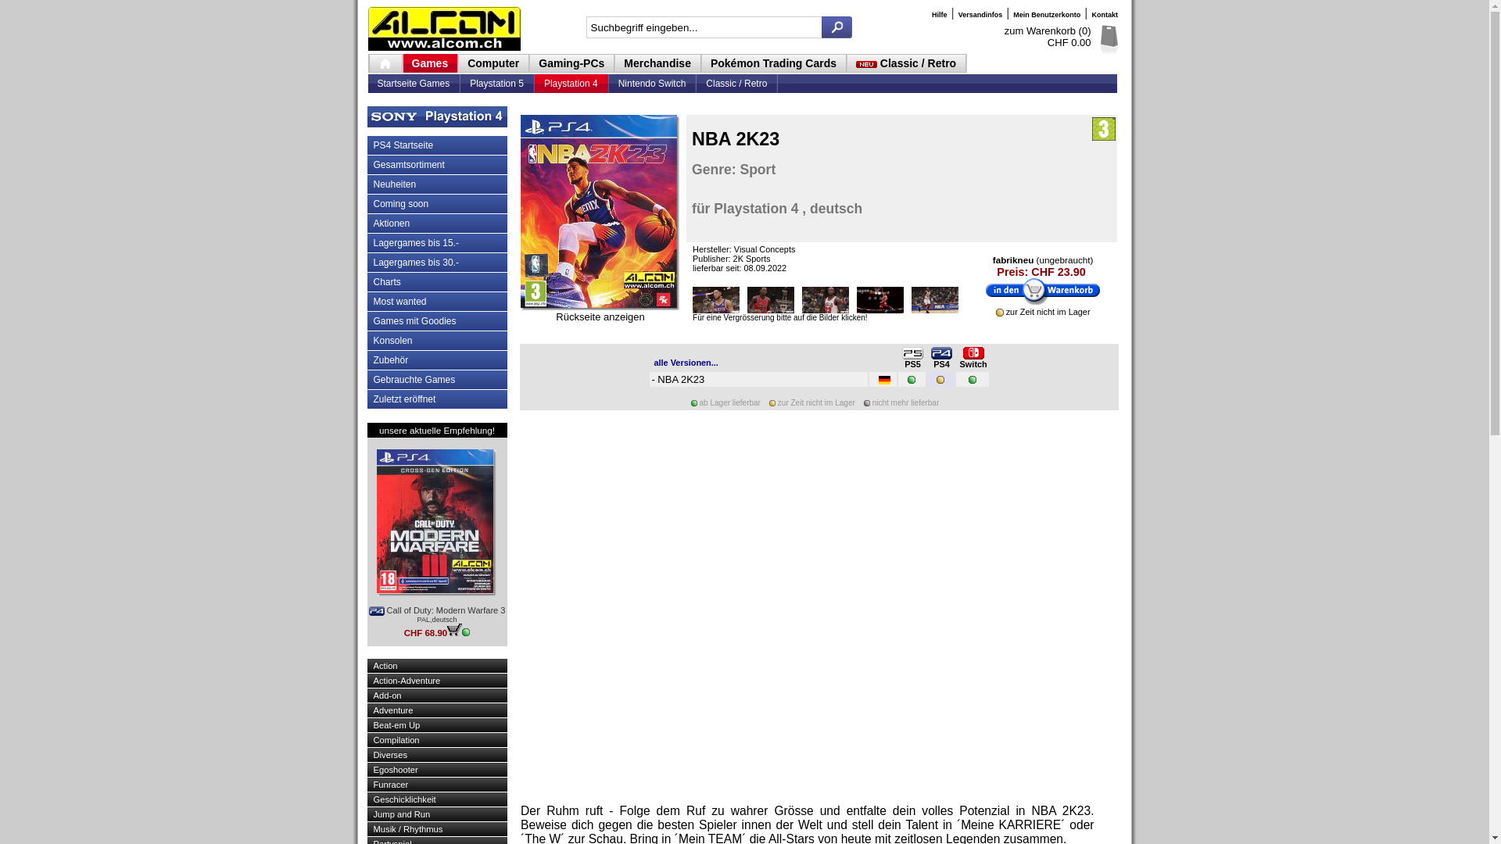 This screenshot has height=844, width=1501. What do you see at coordinates (598, 211) in the screenshot?
I see `'NBA 2K23 (Playstation 4)'` at bounding box center [598, 211].